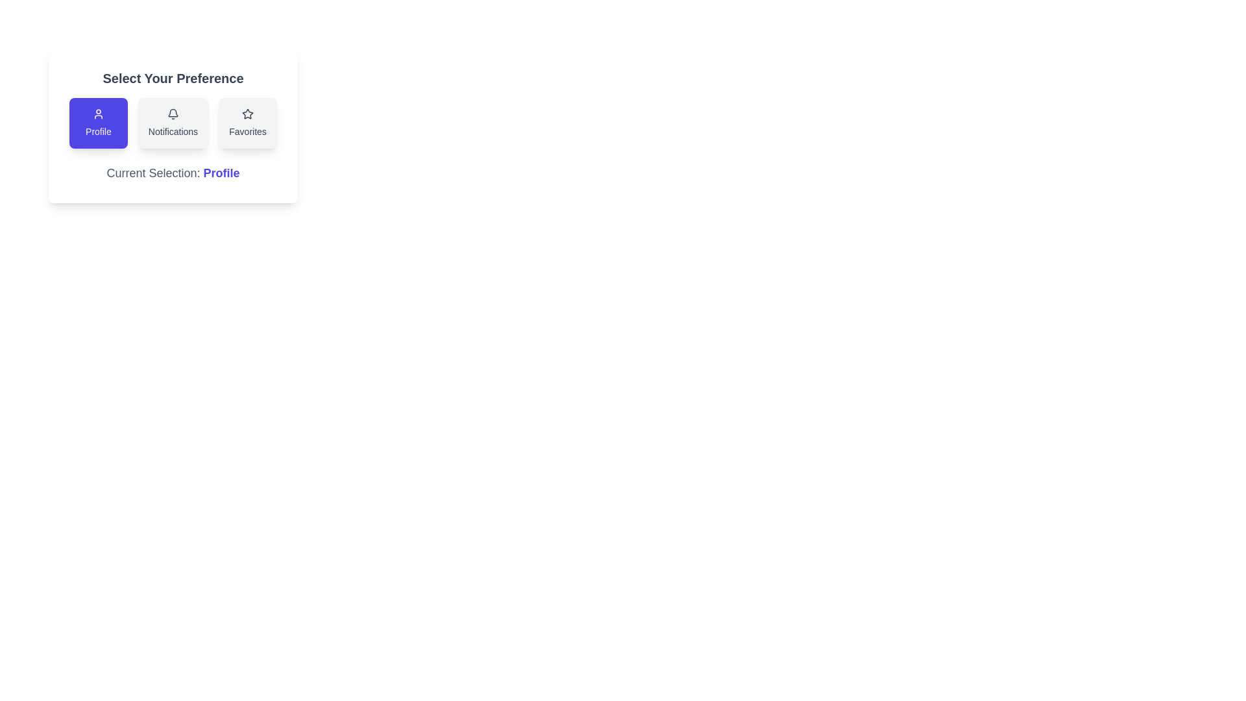 The width and height of the screenshot is (1246, 701). What do you see at coordinates (97, 123) in the screenshot?
I see `the 'Profile' button, which is a rectangular button with a blue background and white rounded corners, located at the top-left corner of the grouping` at bounding box center [97, 123].